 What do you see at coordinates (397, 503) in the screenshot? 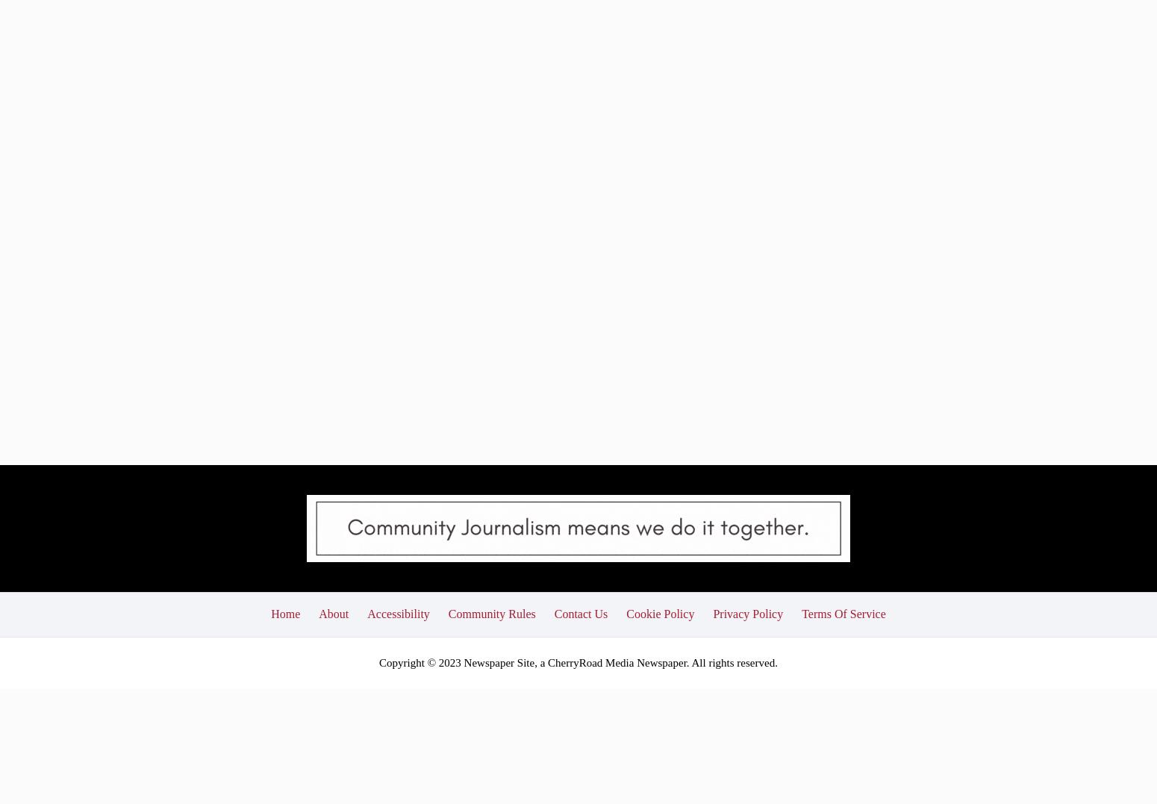
I see `'Accessibility'` at bounding box center [397, 503].